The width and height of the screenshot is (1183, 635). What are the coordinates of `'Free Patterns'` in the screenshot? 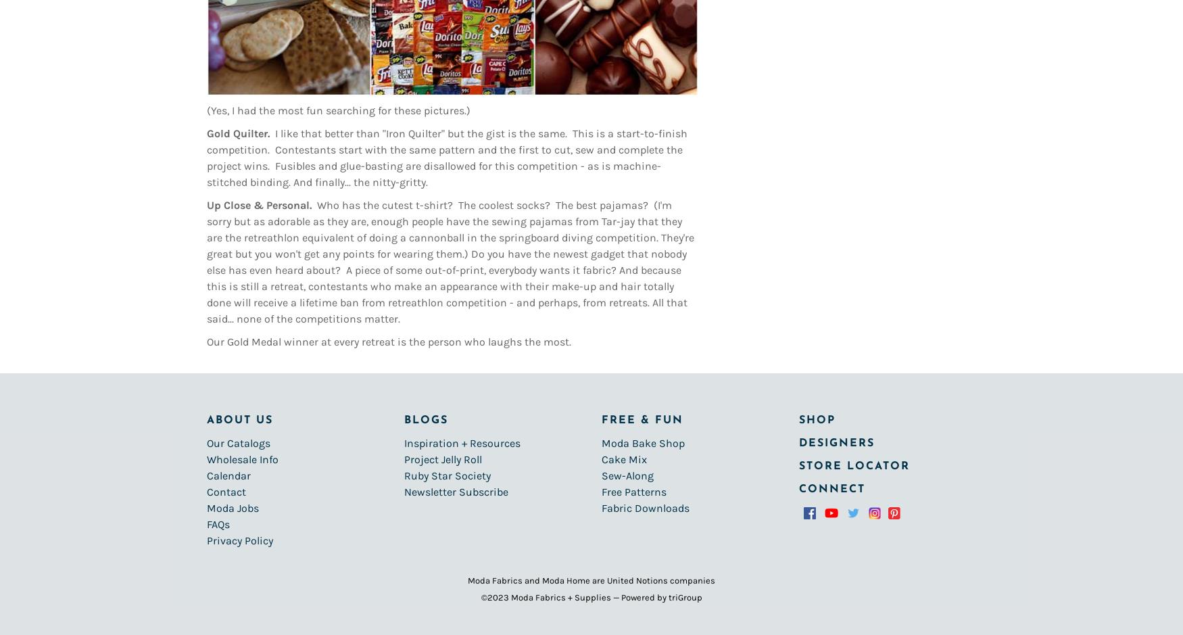 It's located at (634, 492).